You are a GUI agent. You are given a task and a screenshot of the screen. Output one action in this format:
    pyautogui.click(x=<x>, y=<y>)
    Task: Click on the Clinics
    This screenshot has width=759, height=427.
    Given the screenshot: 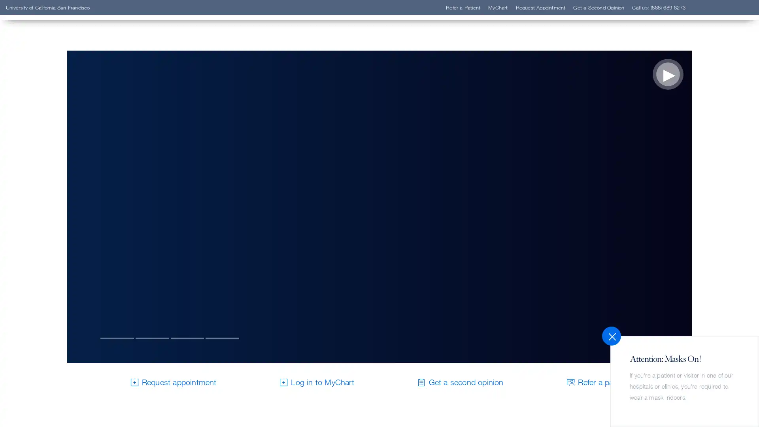 What is the action you would take?
    pyautogui.click(x=43, y=140)
    